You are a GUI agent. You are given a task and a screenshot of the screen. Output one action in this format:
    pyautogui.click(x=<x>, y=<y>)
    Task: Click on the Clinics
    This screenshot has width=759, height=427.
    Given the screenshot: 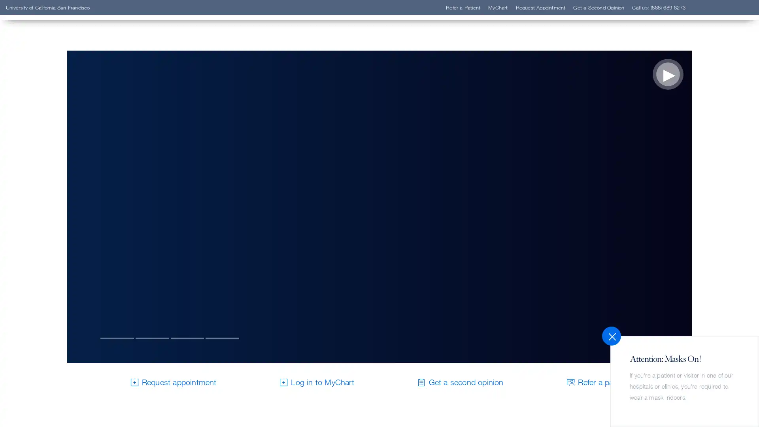 What is the action you would take?
    pyautogui.click(x=43, y=140)
    